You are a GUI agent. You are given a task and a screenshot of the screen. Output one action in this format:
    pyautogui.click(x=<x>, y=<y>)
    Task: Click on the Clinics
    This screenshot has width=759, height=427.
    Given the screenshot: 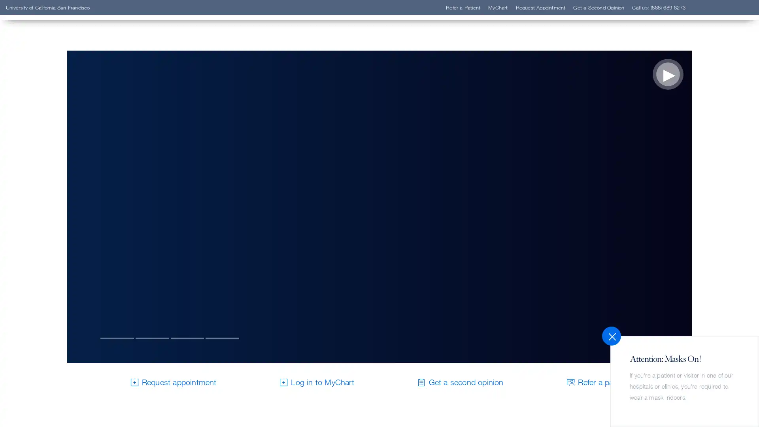 What is the action you would take?
    pyautogui.click(x=43, y=140)
    